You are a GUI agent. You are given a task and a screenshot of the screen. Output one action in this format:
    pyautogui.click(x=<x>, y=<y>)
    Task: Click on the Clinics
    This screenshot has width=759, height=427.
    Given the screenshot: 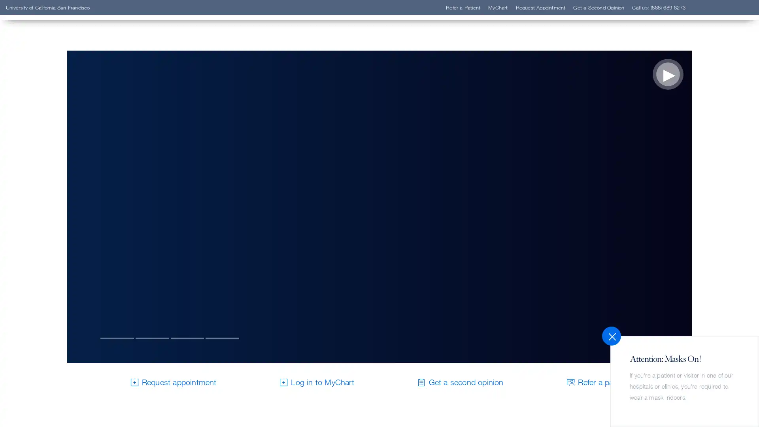 What is the action you would take?
    pyautogui.click(x=43, y=140)
    